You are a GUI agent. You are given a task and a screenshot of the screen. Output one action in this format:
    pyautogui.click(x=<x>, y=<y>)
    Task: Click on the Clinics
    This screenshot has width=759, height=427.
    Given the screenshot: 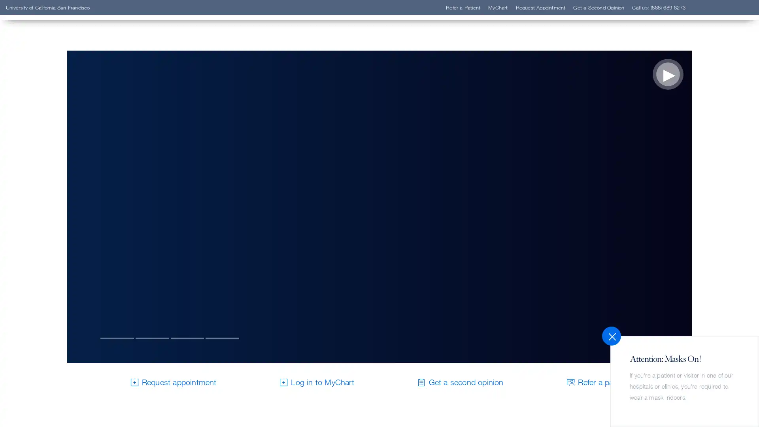 What is the action you would take?
    pyautogui.click(x=43, y=140)
    